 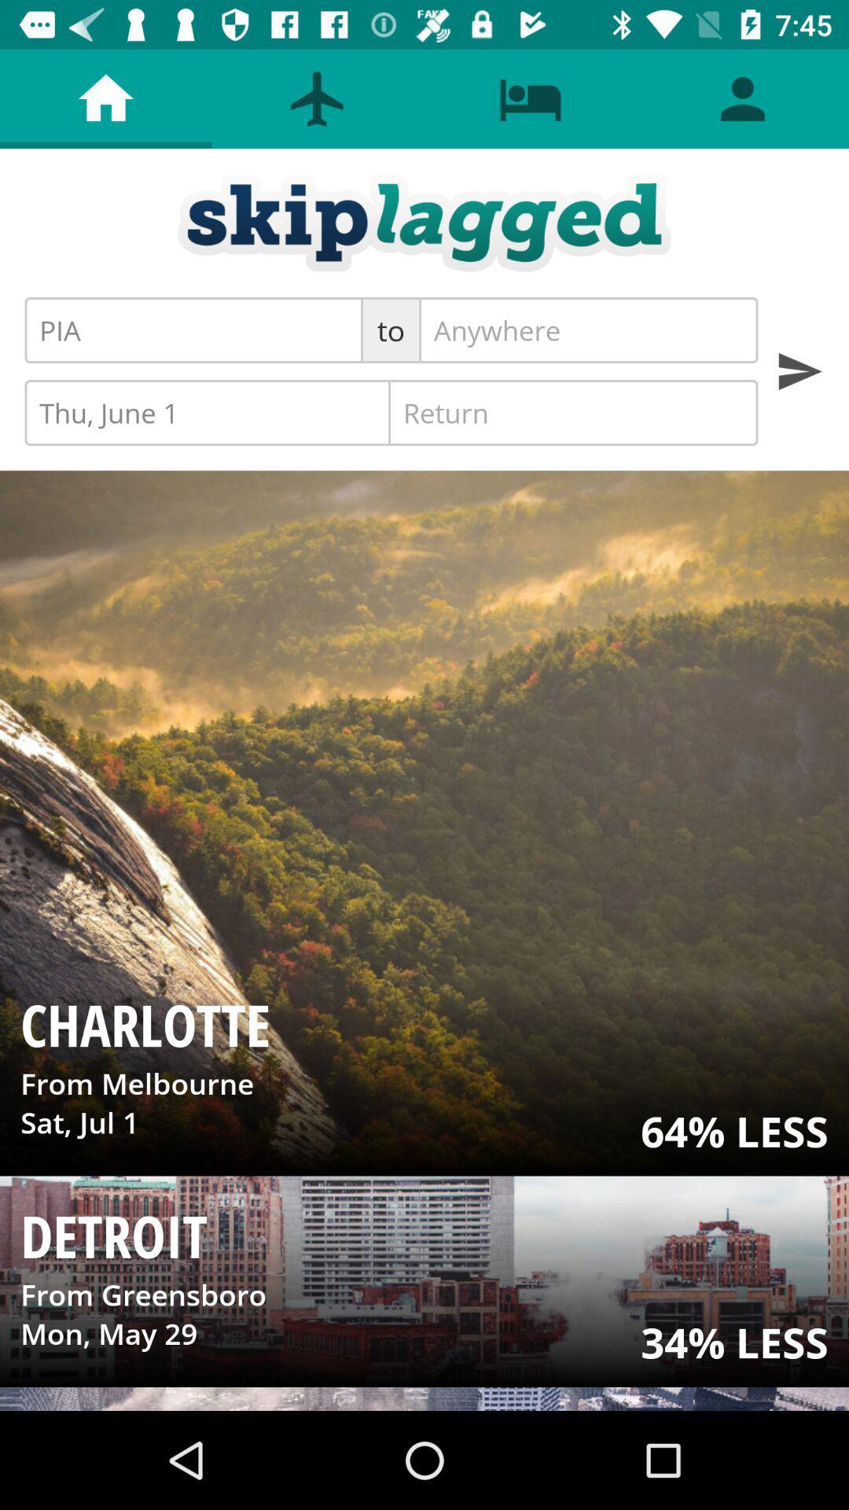 I want to click on results, so click(x=799, y=370).